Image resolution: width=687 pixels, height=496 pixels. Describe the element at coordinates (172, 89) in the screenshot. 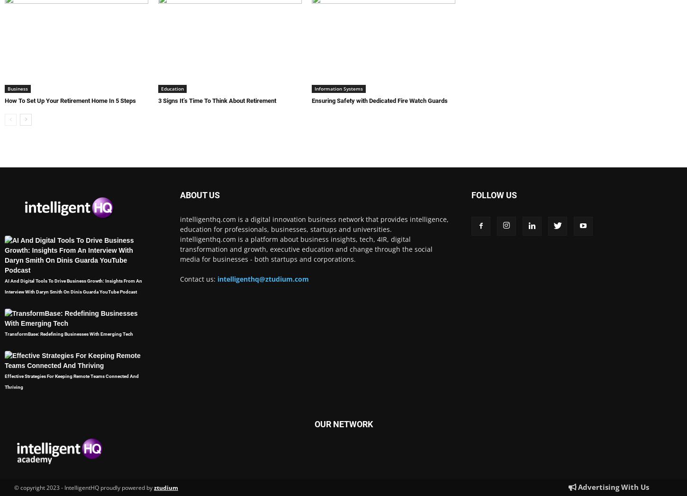

I see `'Education'` at that location.